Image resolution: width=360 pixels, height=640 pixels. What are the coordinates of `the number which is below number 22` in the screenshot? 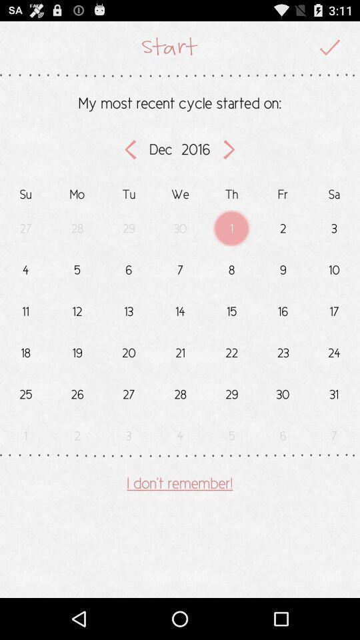 It's located at (231, 391).